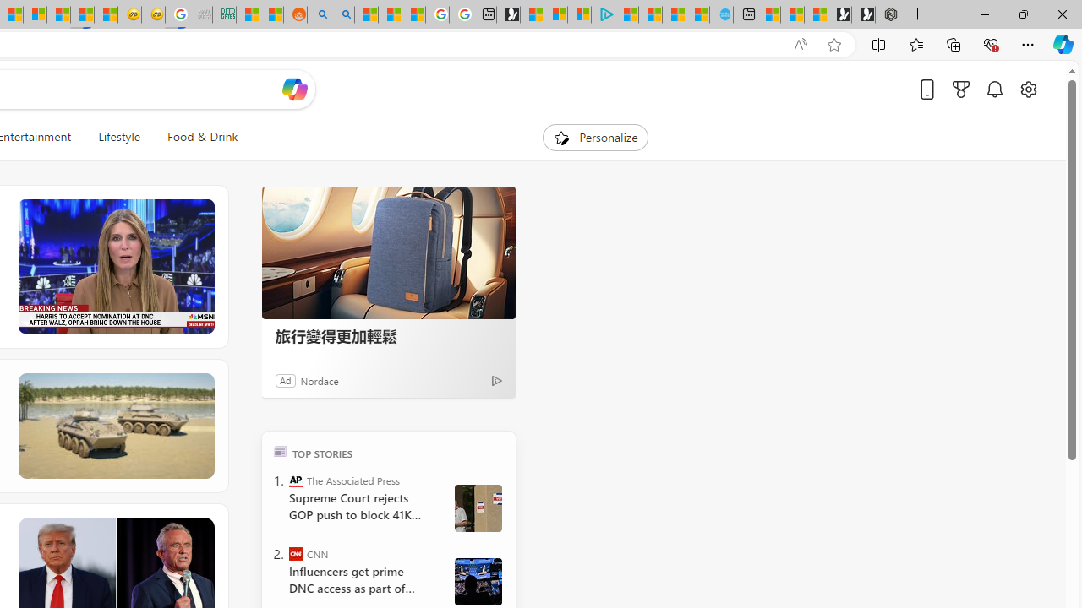  Describe the element at coordinates (247, 14) in the screenshot. I see `'MSNBC - MSN'` at that location.